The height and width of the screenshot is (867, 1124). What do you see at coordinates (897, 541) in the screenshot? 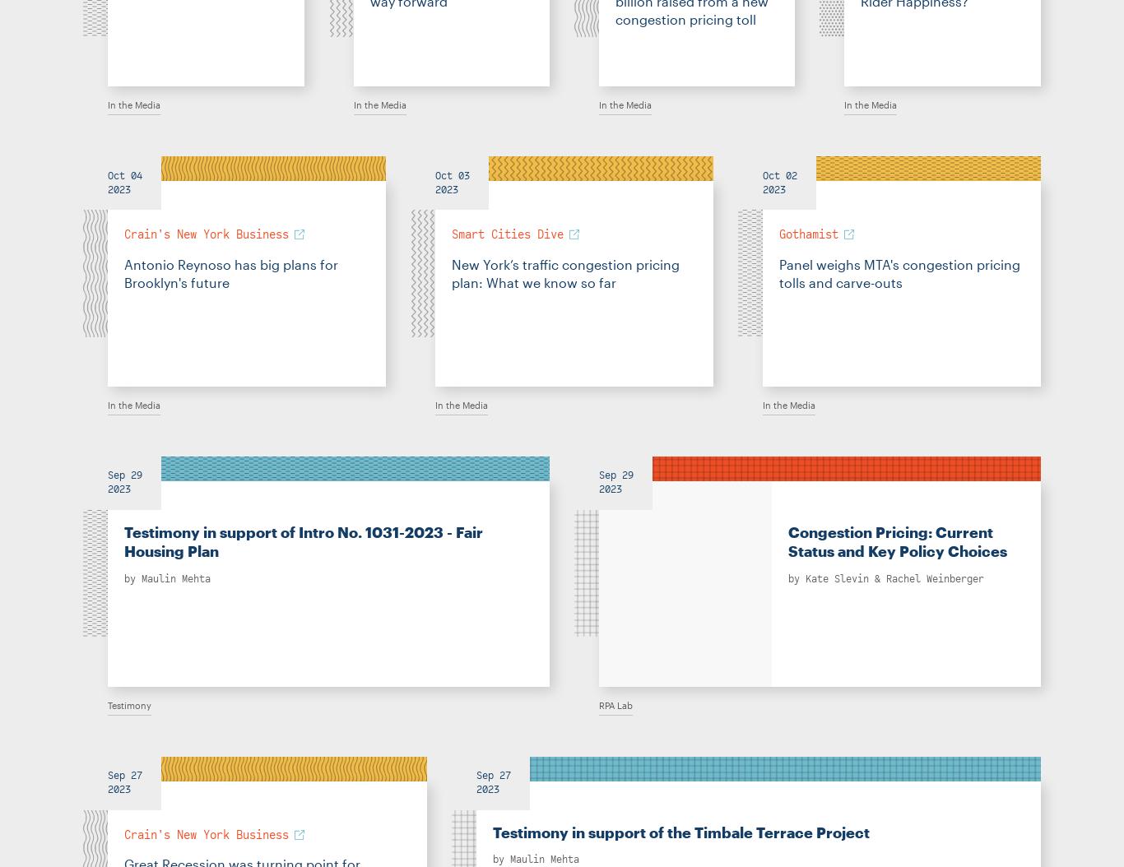
I see `'Congestion Pricing: Current Status and Key Policy Choices'` at bounding box center [897, 541].